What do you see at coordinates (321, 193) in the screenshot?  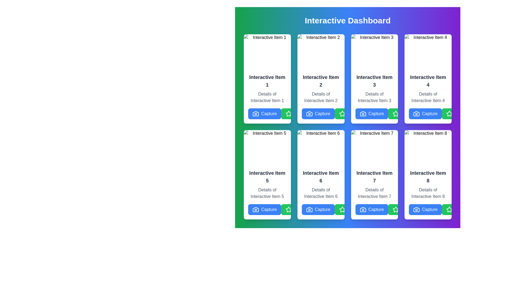 I see `the static text label that provides descriptive information about 'Interactive Item 6', located in the middle row, third column of the grid layout` at bounding box center [321, 193].